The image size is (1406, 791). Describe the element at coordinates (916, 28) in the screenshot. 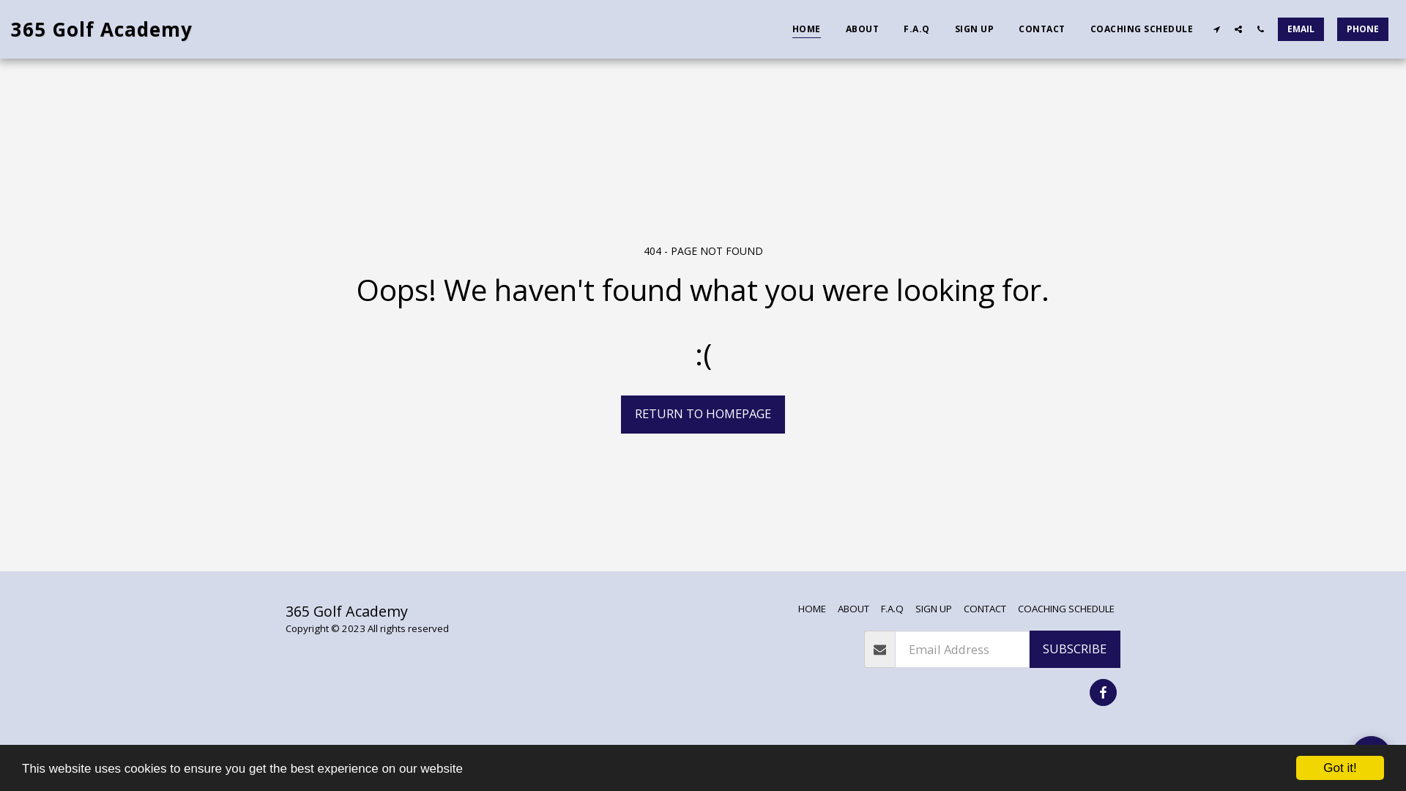

I see `'F.A.Q'` at that location.